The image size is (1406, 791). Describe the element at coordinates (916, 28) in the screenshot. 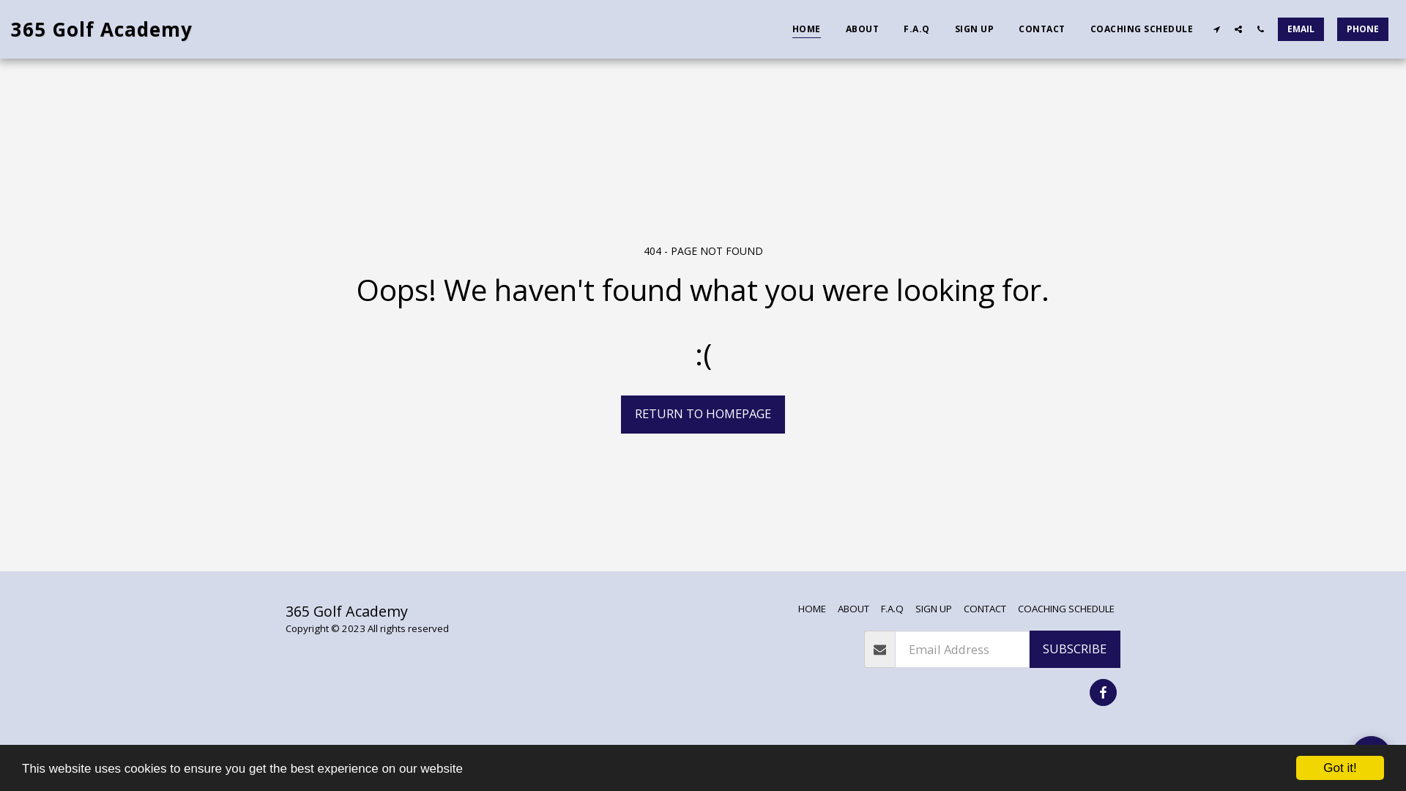

I see `'F.A.Q'` at that location.